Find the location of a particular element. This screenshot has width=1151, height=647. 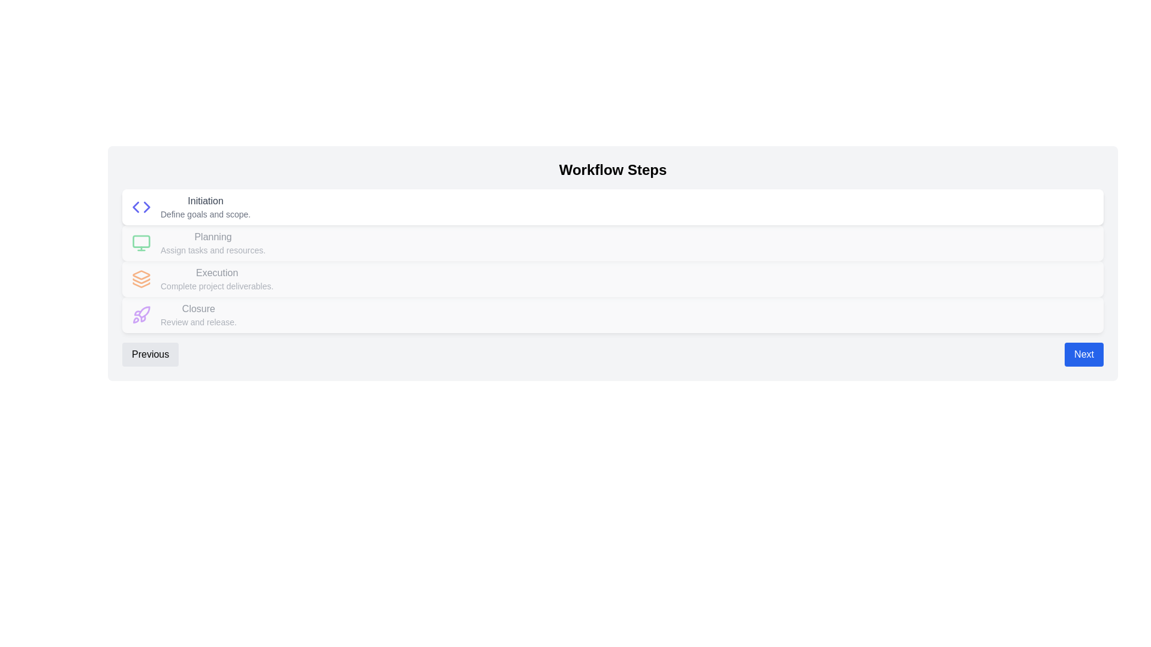

the descriptive text label located under the 'Execution' step in the workflow list is located at coordinates (217, 286).